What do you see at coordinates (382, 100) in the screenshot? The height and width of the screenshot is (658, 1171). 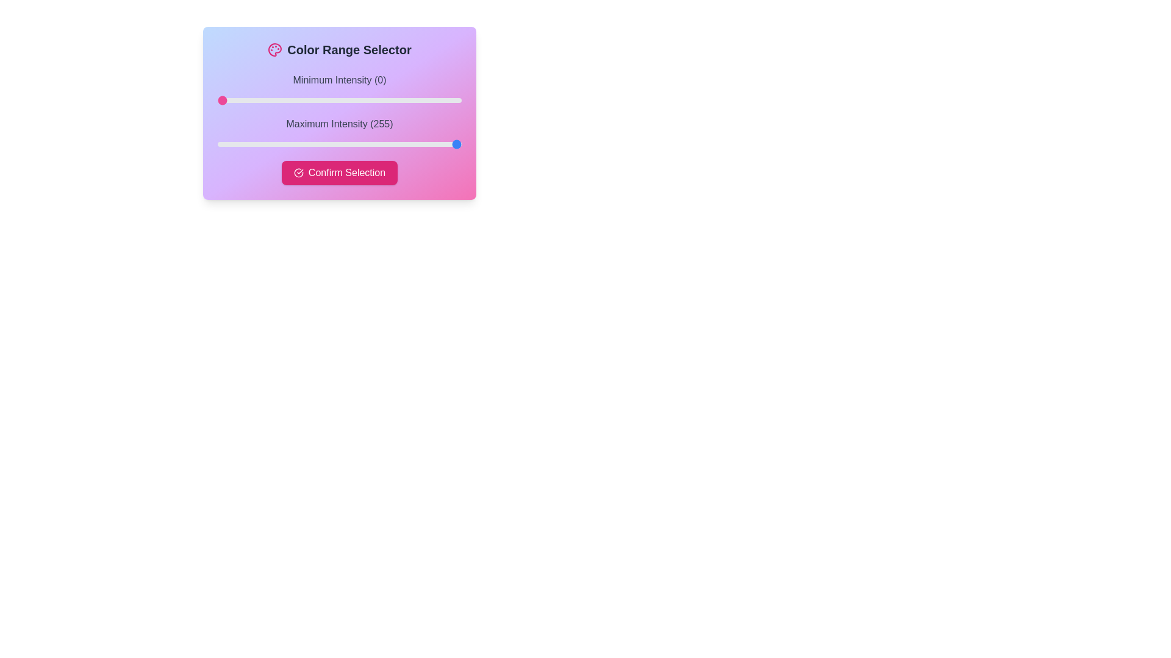 I see `the minimum intensity slider to 173 value` at bounding box center [382, 100].